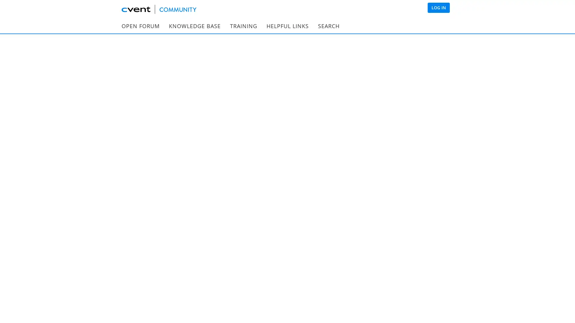 This screenshot has height=323, width=575. Describe the element at coordinates (280, 171) in the screenshot. I see `Yes` at that location.